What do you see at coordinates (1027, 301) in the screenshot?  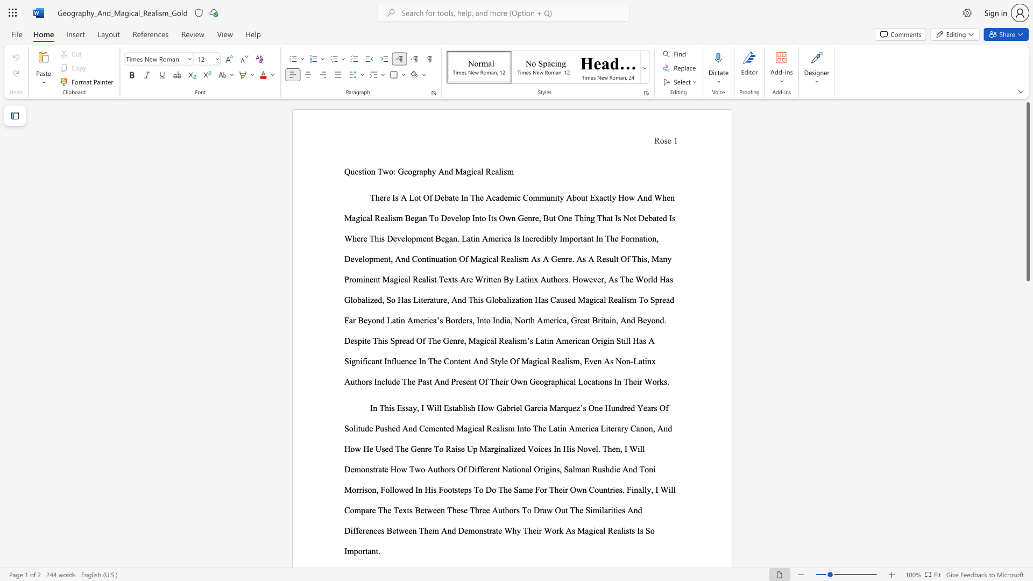 I see `the scrollbar on the side` at bounding box center [1027, 301].